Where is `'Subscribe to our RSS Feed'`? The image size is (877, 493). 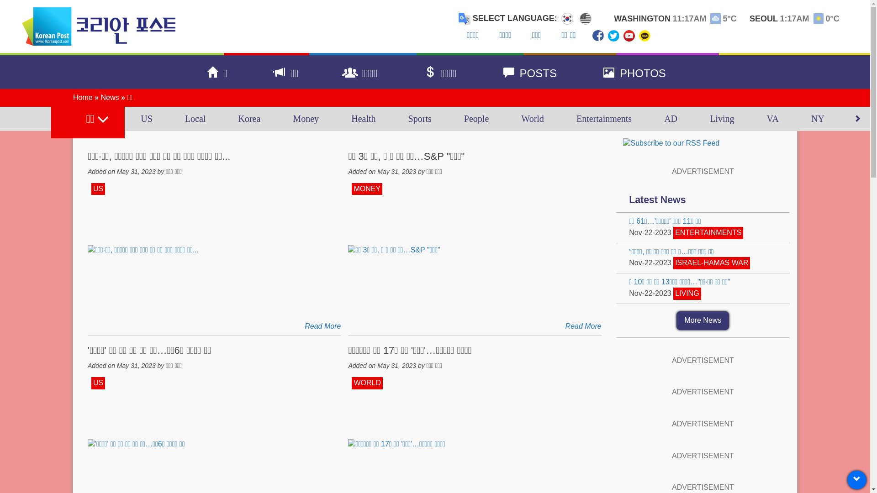 'Subscribe to our RSS Feed' is located at coordinates (671, 143).